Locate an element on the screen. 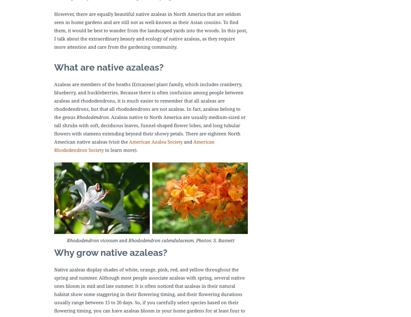  'American Rhododendron Society' is located at coordinates (134, 145).